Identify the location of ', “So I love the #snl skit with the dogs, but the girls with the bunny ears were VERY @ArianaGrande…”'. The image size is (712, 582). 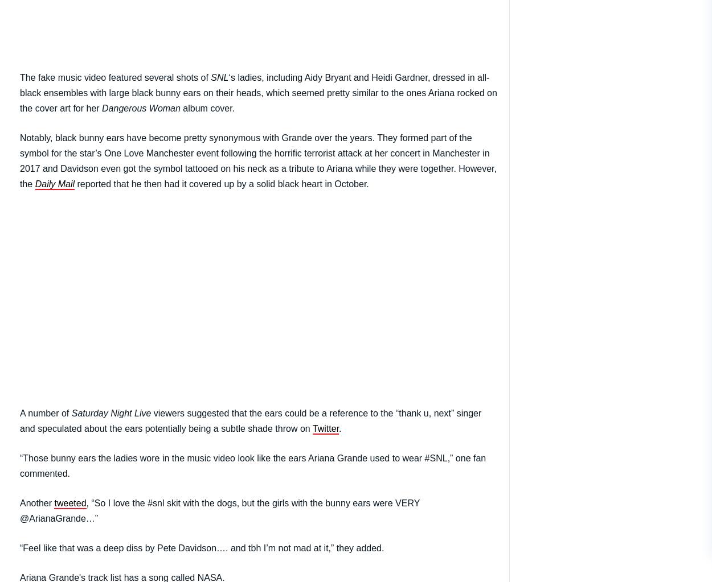
(20, 510).